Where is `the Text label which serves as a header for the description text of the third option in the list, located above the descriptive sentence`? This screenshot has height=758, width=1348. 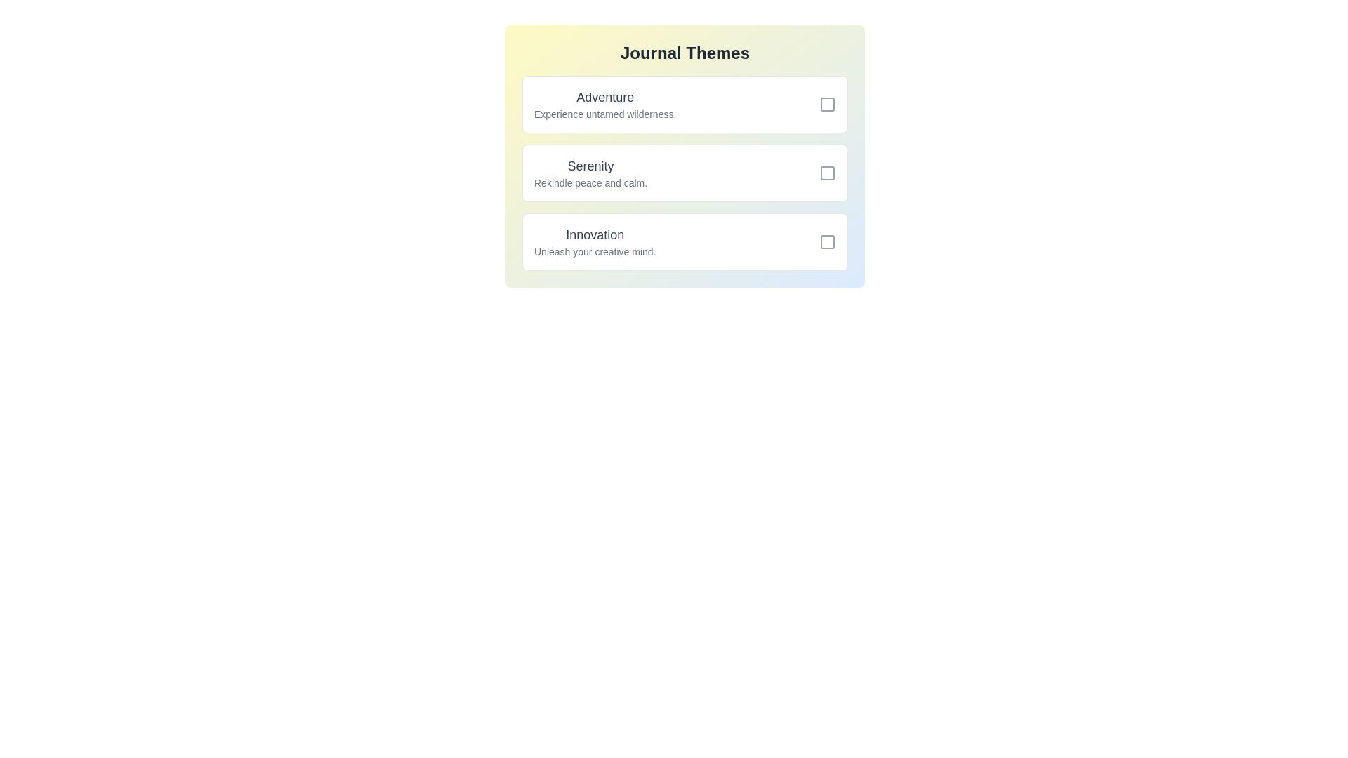
the Text label which serves as a header for the description text of the third option in the list, located above the descriptive sentence is located at coordinates (595, 234).